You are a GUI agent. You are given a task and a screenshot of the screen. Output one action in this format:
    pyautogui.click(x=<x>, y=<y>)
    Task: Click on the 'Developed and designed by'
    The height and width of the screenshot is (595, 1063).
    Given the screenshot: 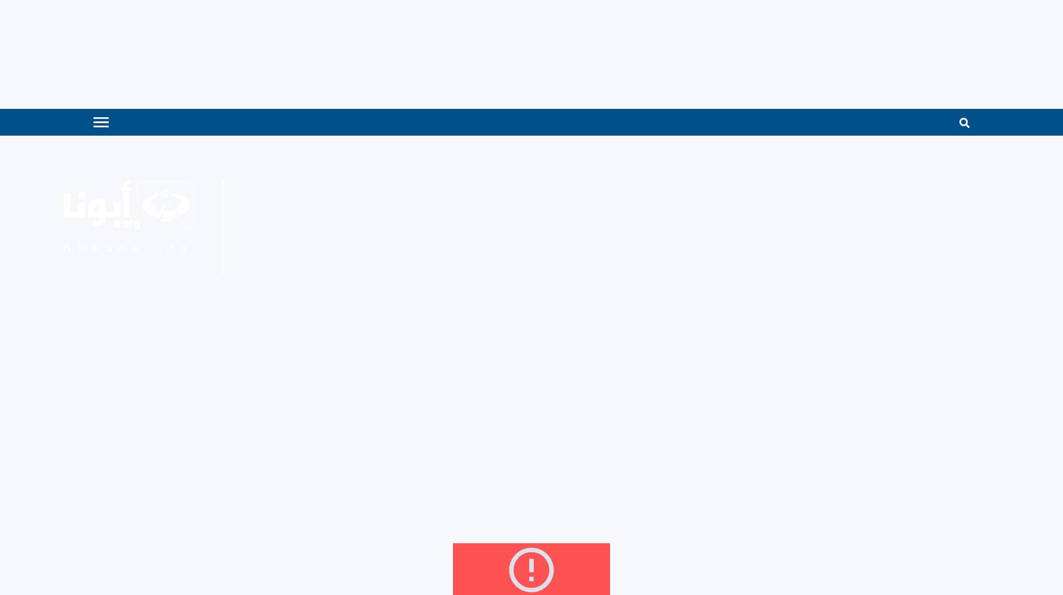 What is the action you would take?
    pyautogui.click(x=830, y=335)
    